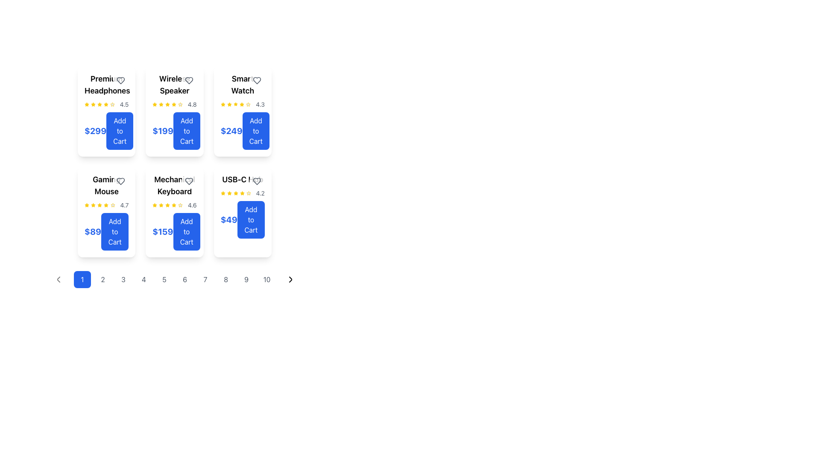  I want to click on the first button in a row of numbered buttons styled with rounded edges, where the first number is bold in blue indicating active state, so click(174, 280).